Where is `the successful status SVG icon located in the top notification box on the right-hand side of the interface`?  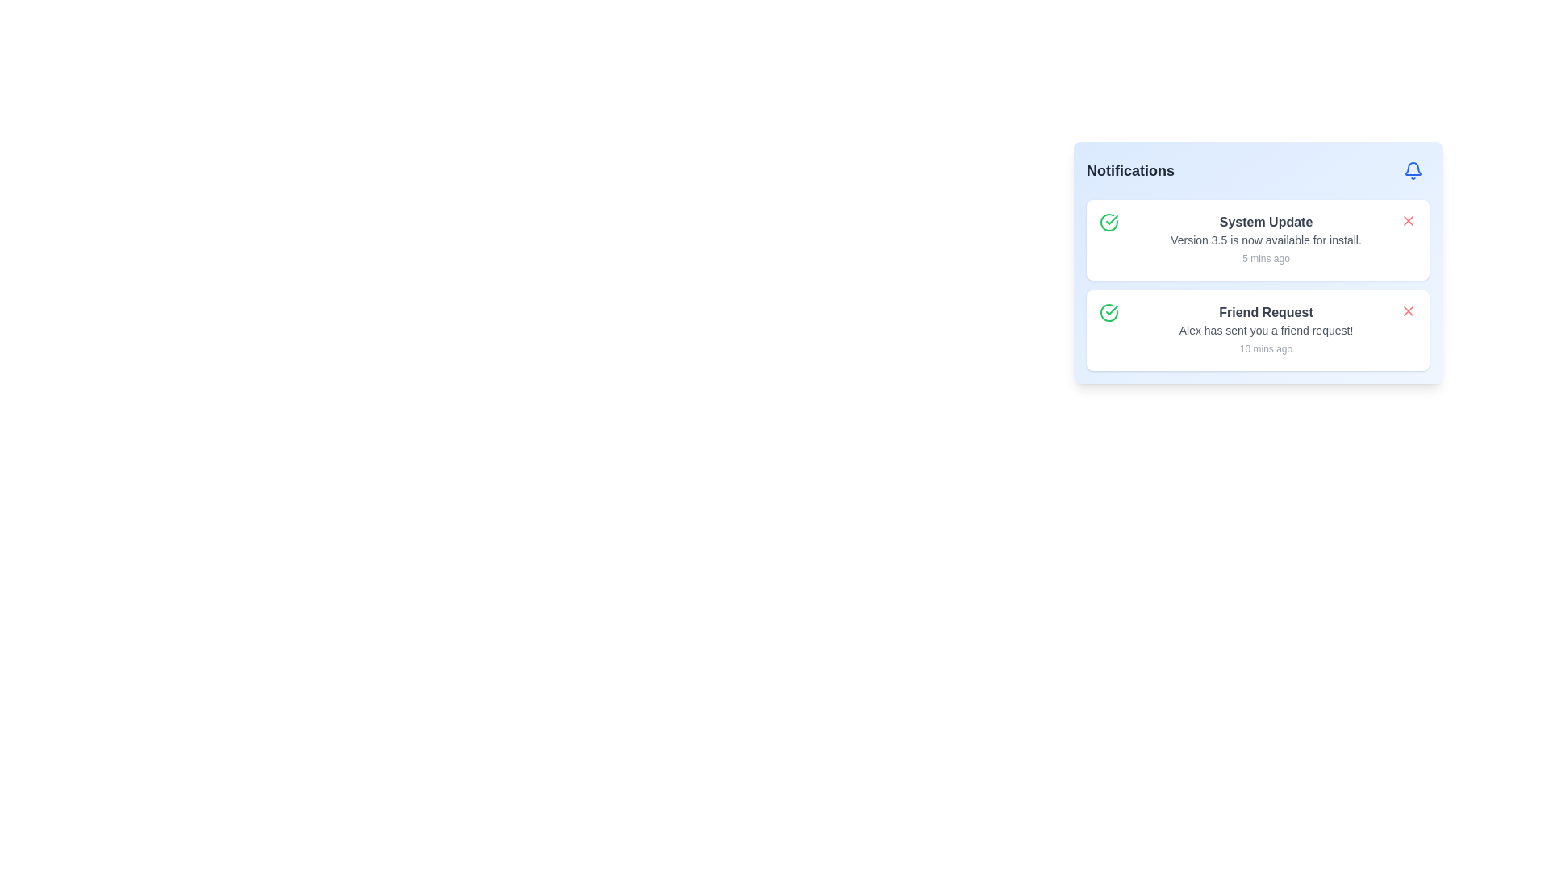
the successful status SVG icon located in the top notification box on the right-hand side of the interface is located at coordinates (1111, 310).